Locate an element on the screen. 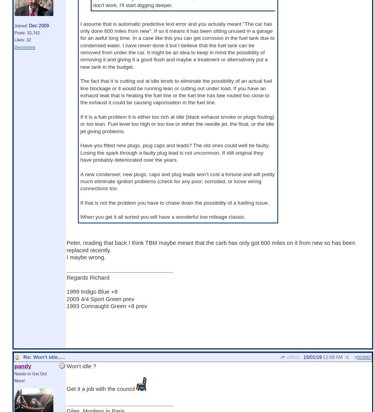 Image resolution: width=374 pixels, height=412 pixels. 'If that is not the problem you have to chase down the possibility of a fuelling issue.' is located at coordinates (80, 202).